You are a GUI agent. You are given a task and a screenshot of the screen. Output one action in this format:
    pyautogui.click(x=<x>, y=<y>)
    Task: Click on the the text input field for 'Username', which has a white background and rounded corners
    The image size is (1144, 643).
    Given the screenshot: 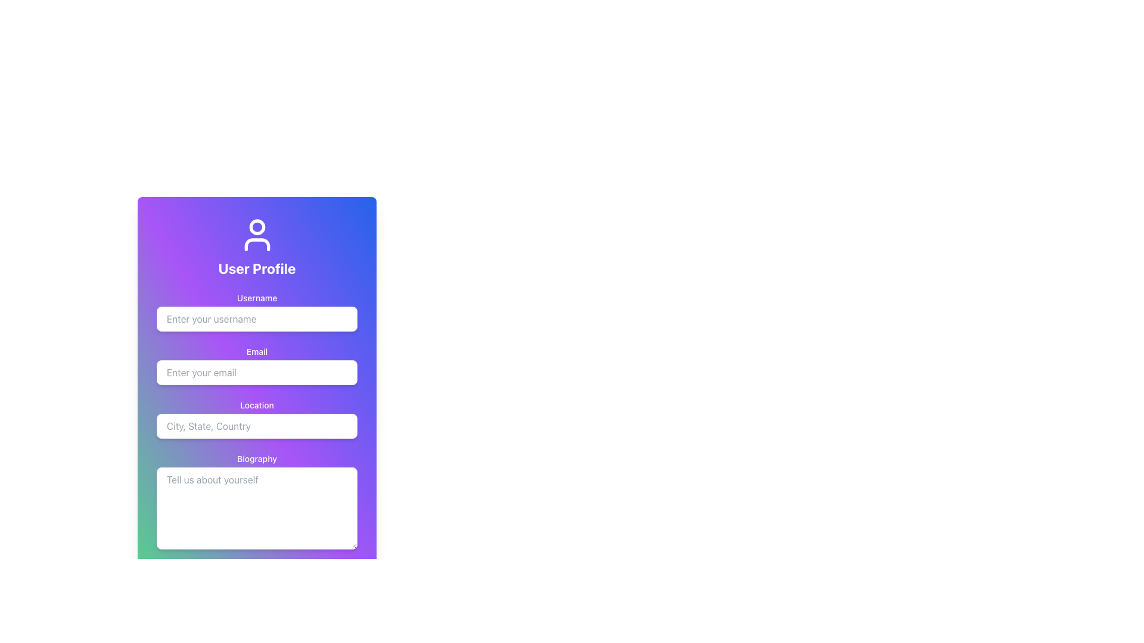 What is the action you would take?
    pyautogui.click(x=256, y=311)
    